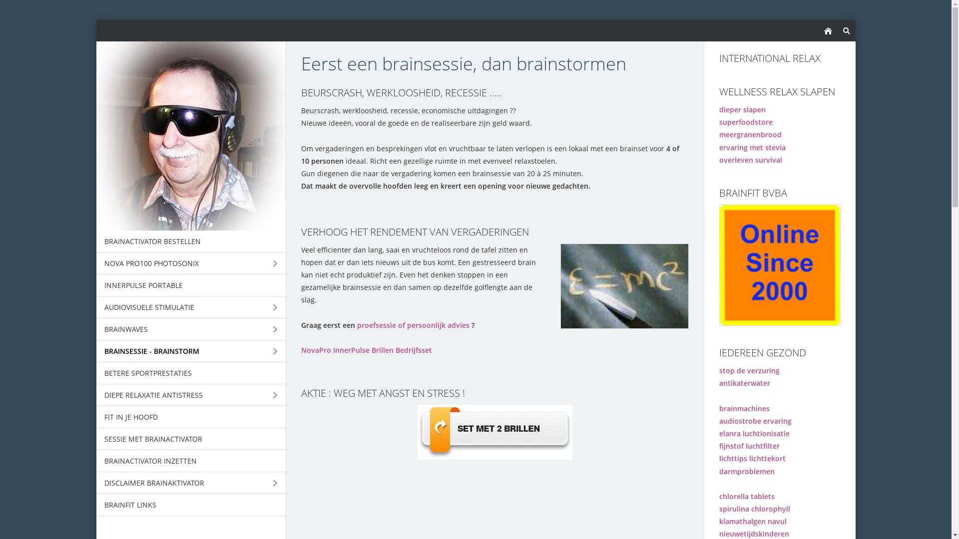 This screenshot has width=959, height=539. I want to click on 'lichttips lichttekort', so click(752, 458).